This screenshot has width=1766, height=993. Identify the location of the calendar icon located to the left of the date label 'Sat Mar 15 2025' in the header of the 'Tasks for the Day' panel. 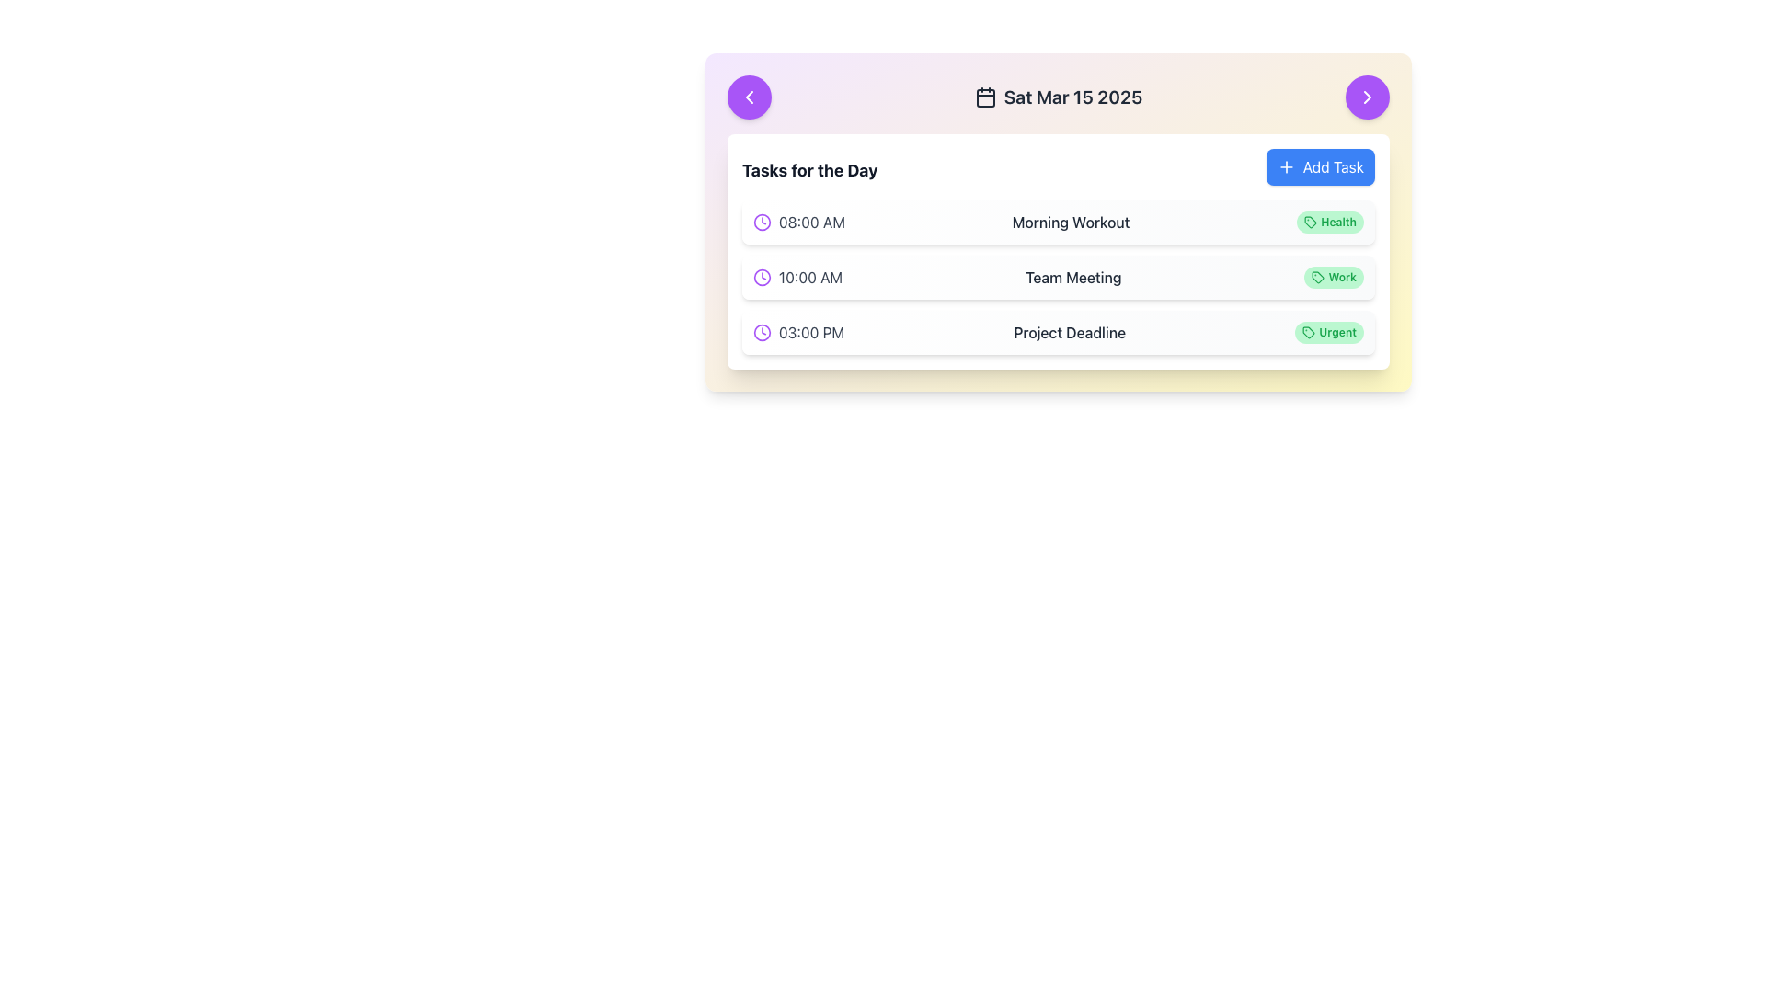
(984, 97).